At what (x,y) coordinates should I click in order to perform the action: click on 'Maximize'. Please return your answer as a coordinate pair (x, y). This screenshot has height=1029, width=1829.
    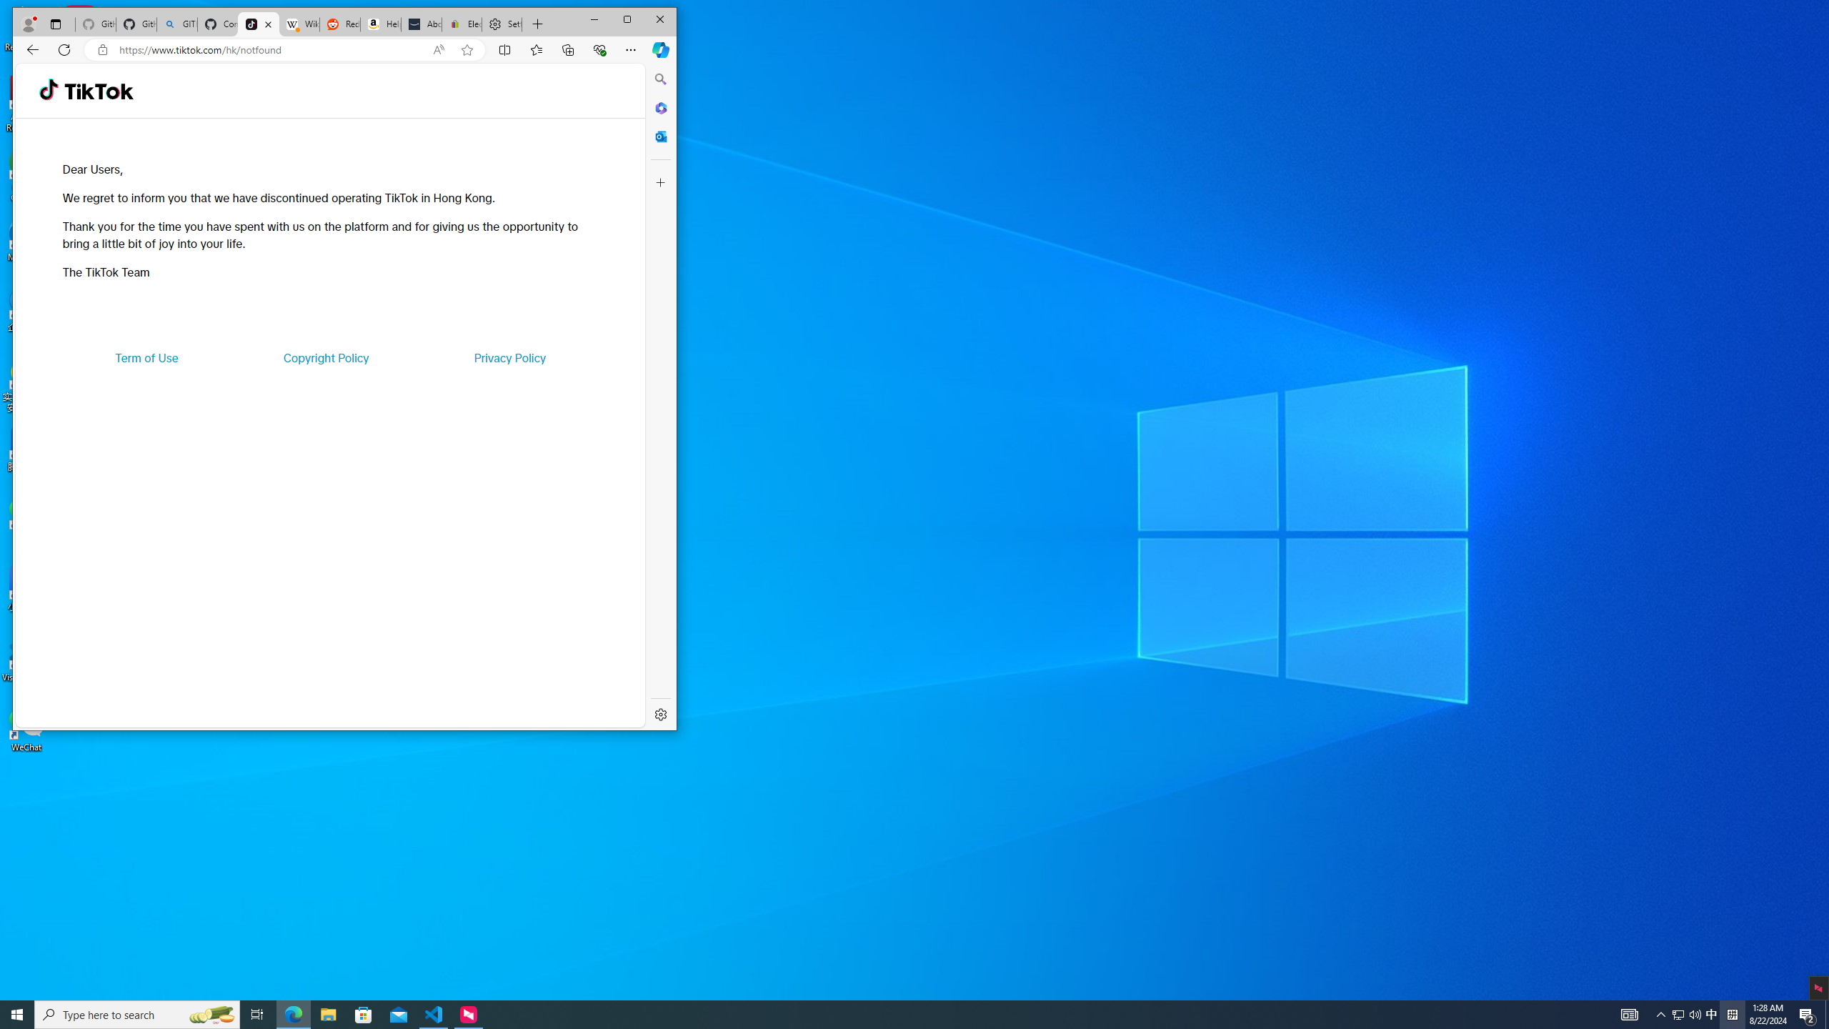
    Looking at the image, I should click on (627, 19).